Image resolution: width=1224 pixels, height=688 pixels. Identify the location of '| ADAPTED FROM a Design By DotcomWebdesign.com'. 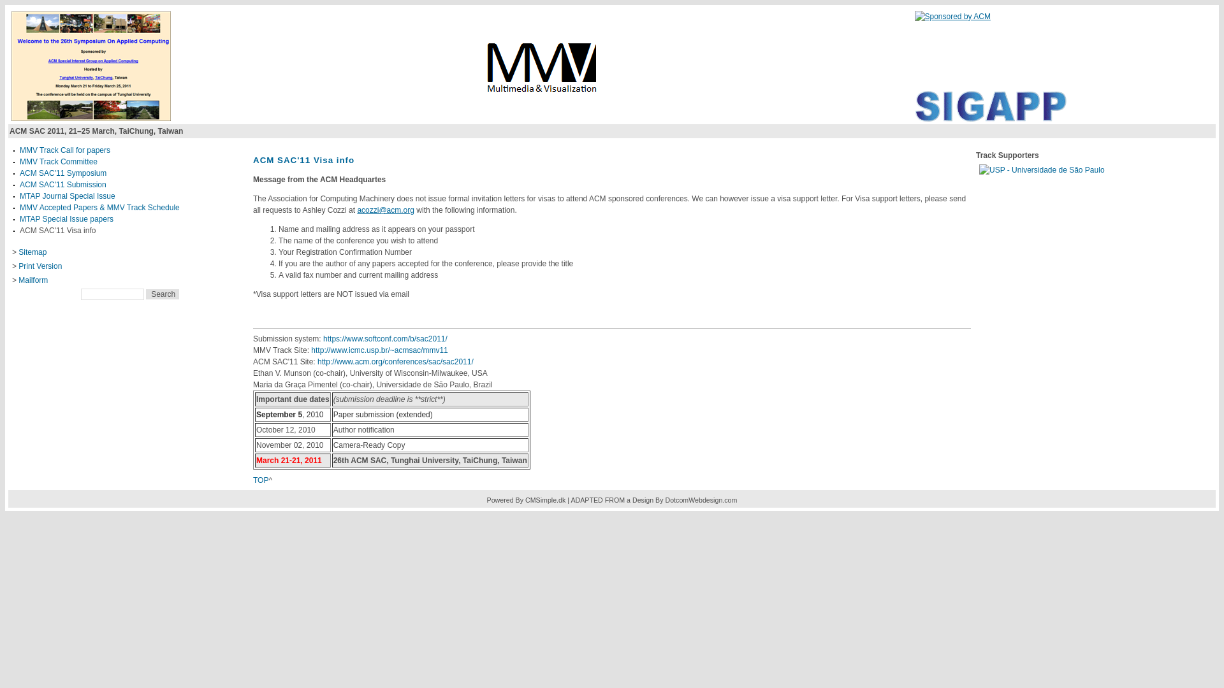
(652, 499).